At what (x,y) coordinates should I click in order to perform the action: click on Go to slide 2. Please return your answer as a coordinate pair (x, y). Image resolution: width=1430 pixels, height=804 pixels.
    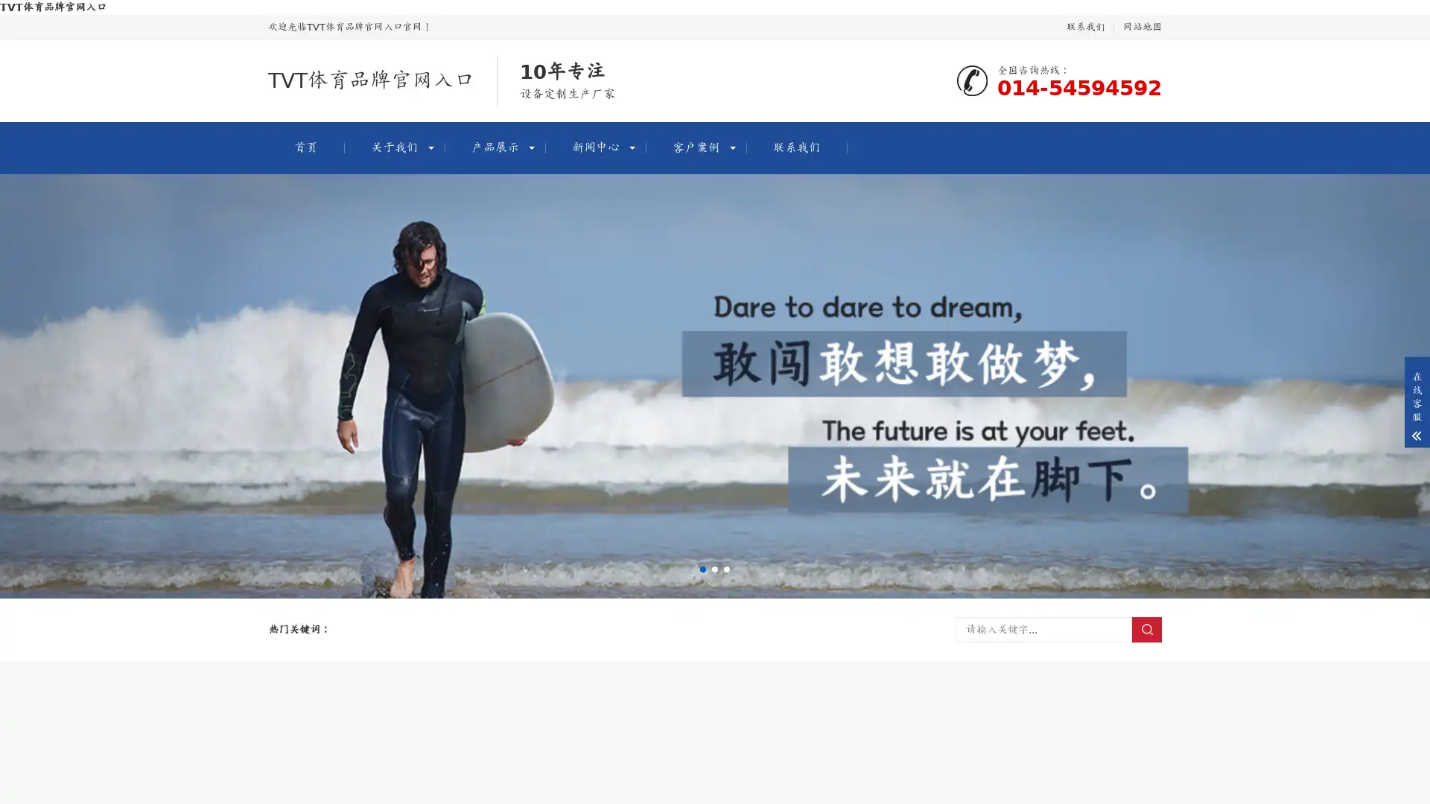
    Looking at the image, I should click on (715, 569).